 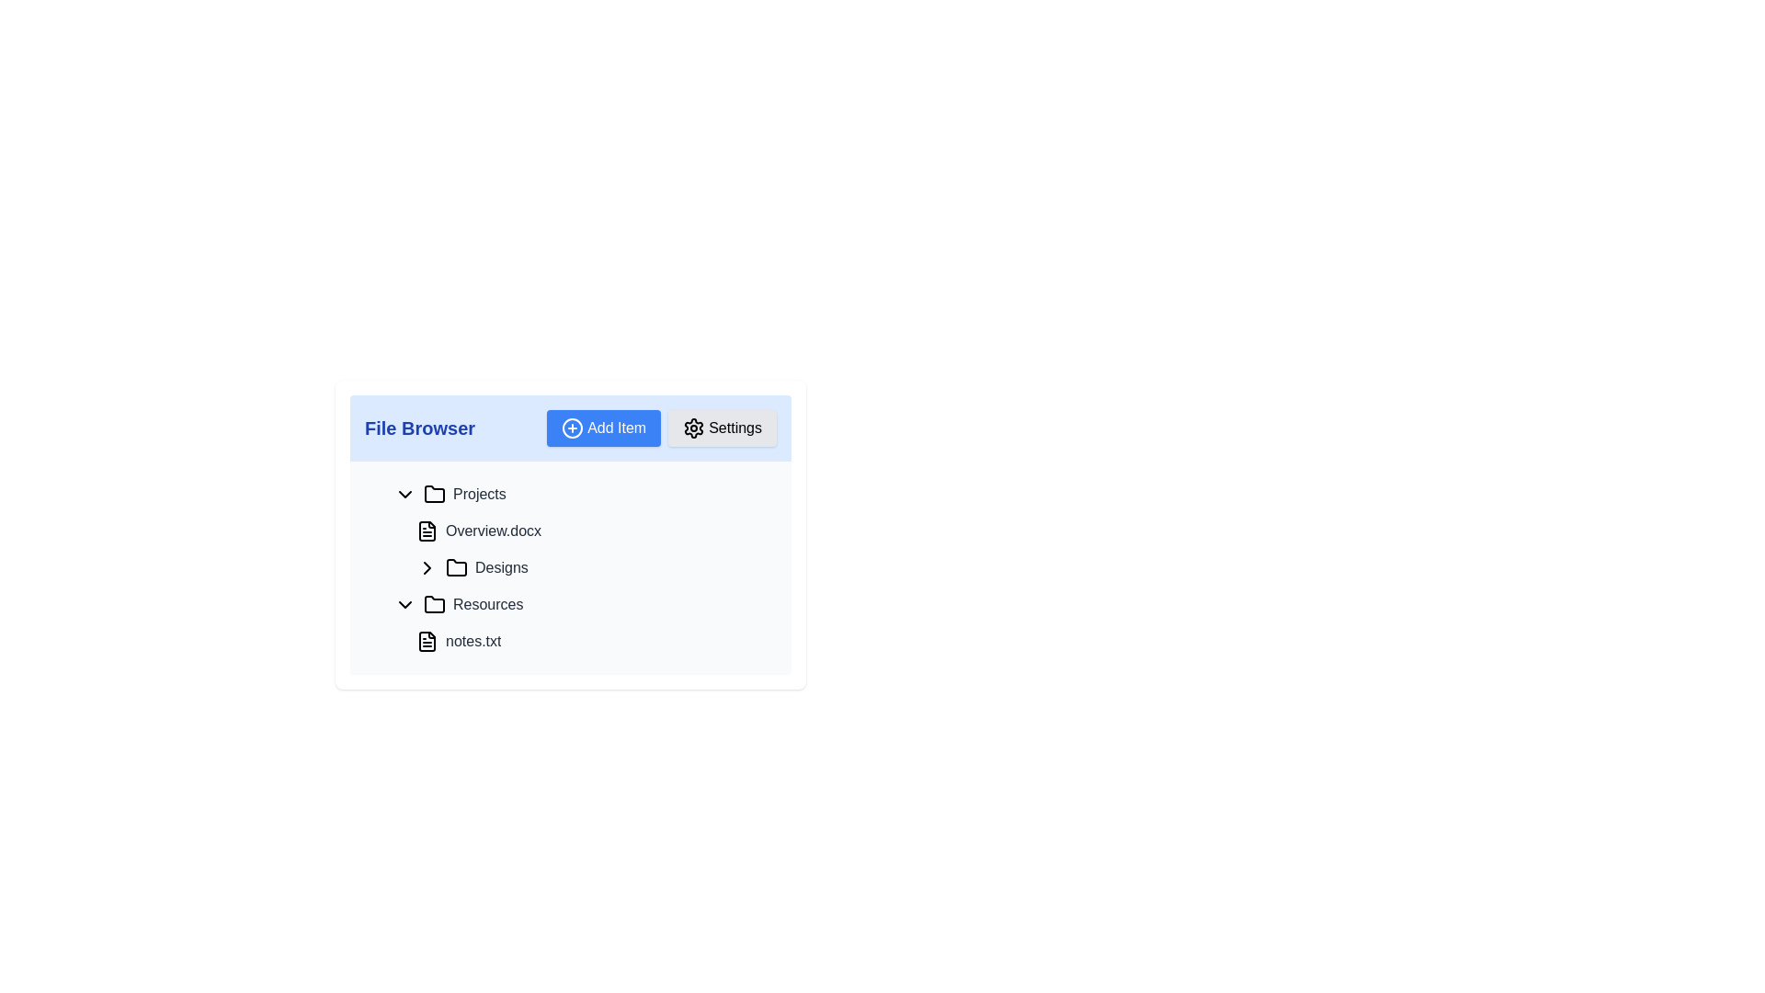 I want to click on the Folder entry in the file browser, which is the fourth entry in the list, located directly above 'notes.txt' and below 'Designs', so click(x=581, y=605).